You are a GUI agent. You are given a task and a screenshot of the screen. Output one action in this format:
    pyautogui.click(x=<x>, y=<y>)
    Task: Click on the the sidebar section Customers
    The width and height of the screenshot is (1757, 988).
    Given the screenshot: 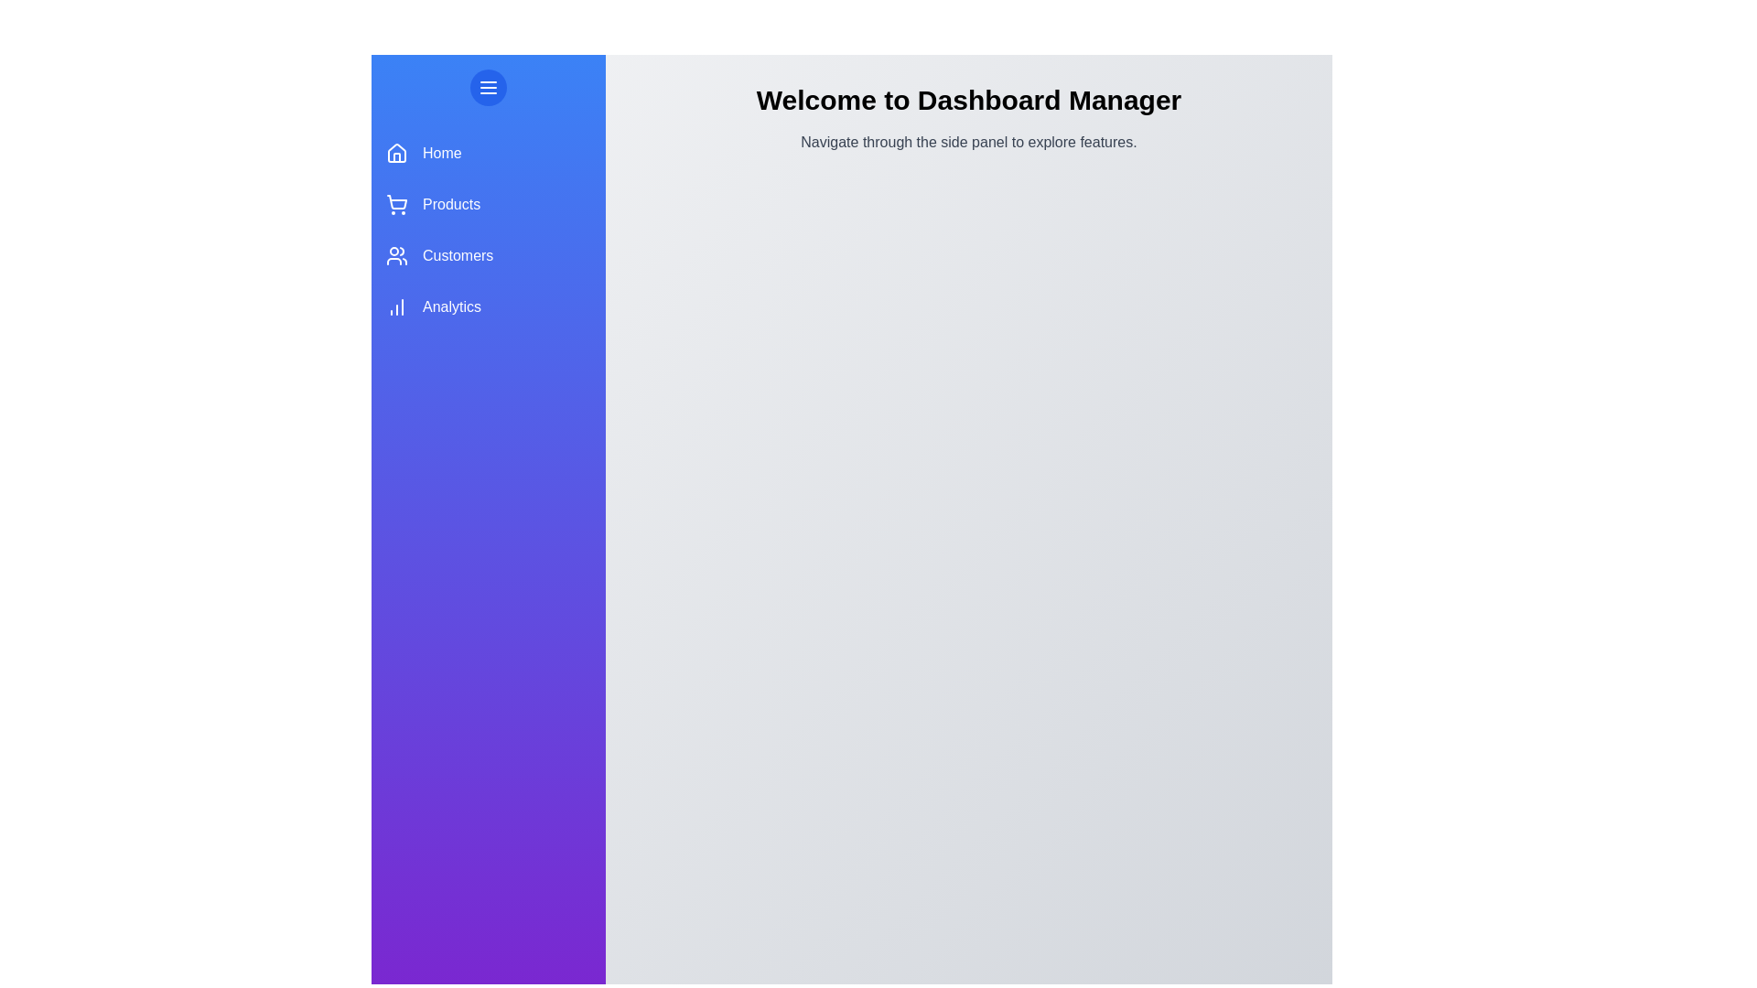 What is the action you would take?
    pyautogui.click(x=488, y=256)
    